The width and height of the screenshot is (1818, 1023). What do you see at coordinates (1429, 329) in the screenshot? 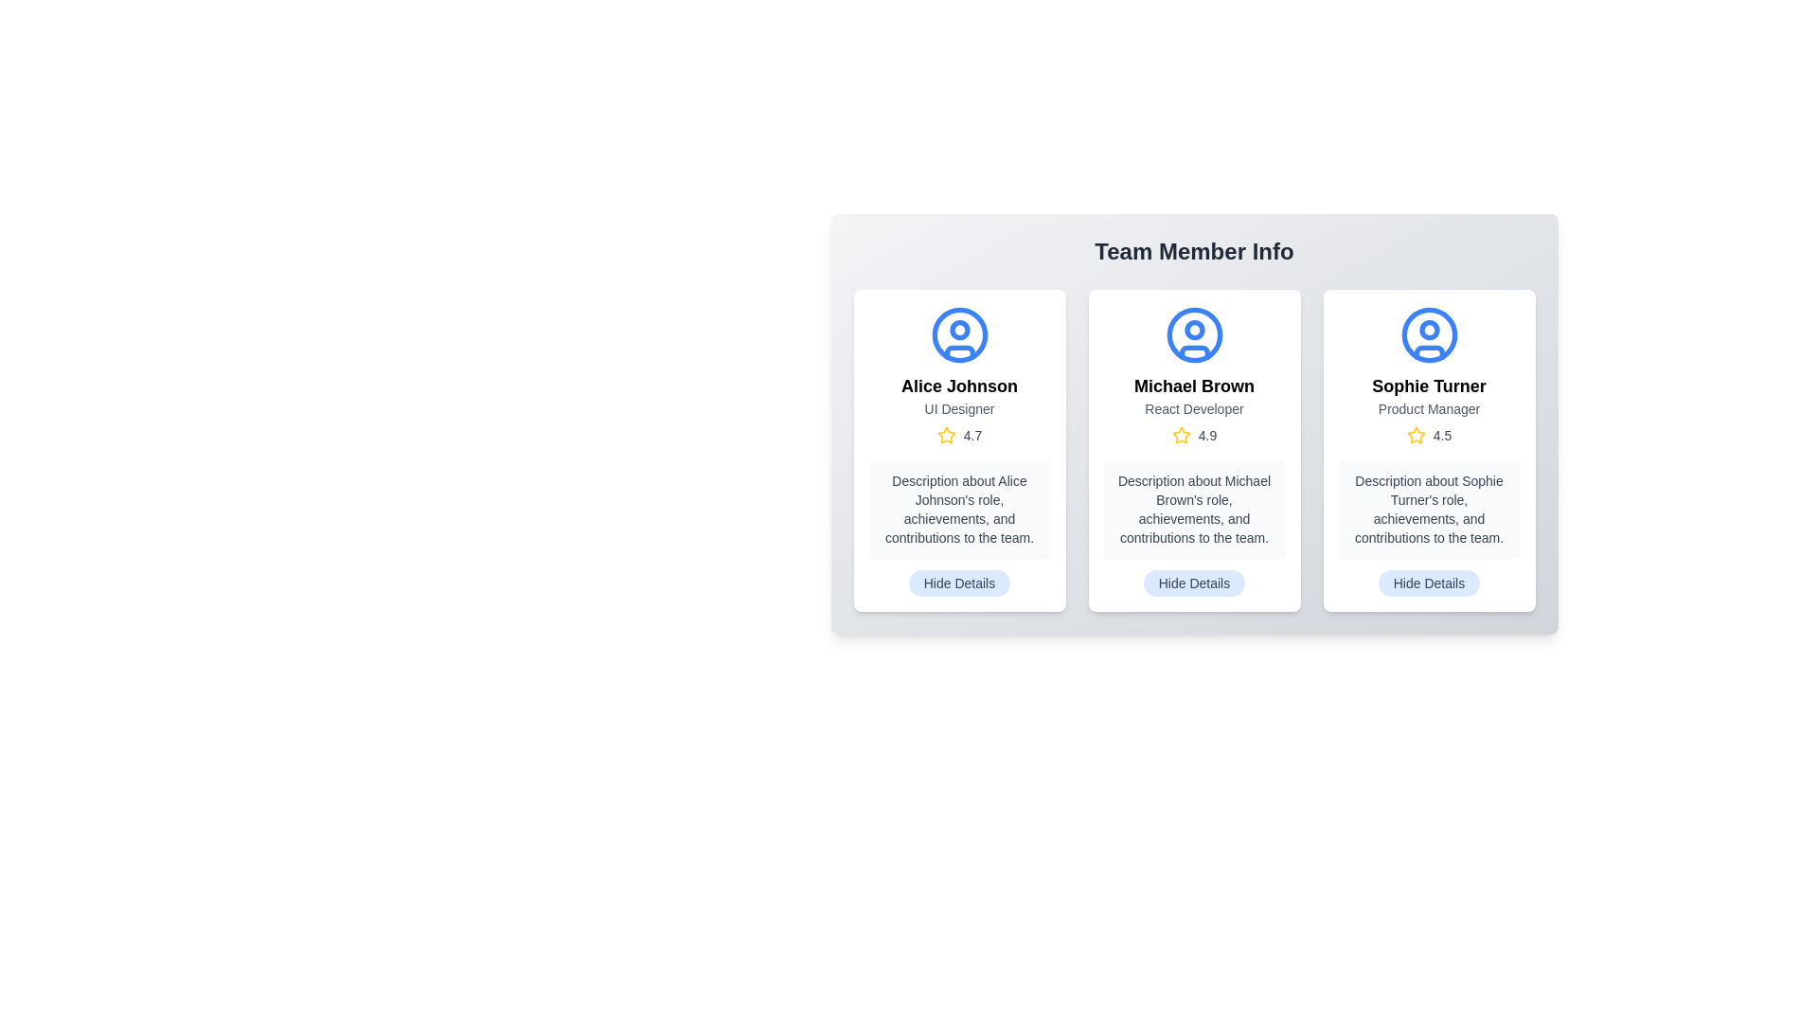
I see `the small circular icon that represents a user avatar, centrally aligned in the head section of the avatar graphic` at bounding box center [1429, 329].